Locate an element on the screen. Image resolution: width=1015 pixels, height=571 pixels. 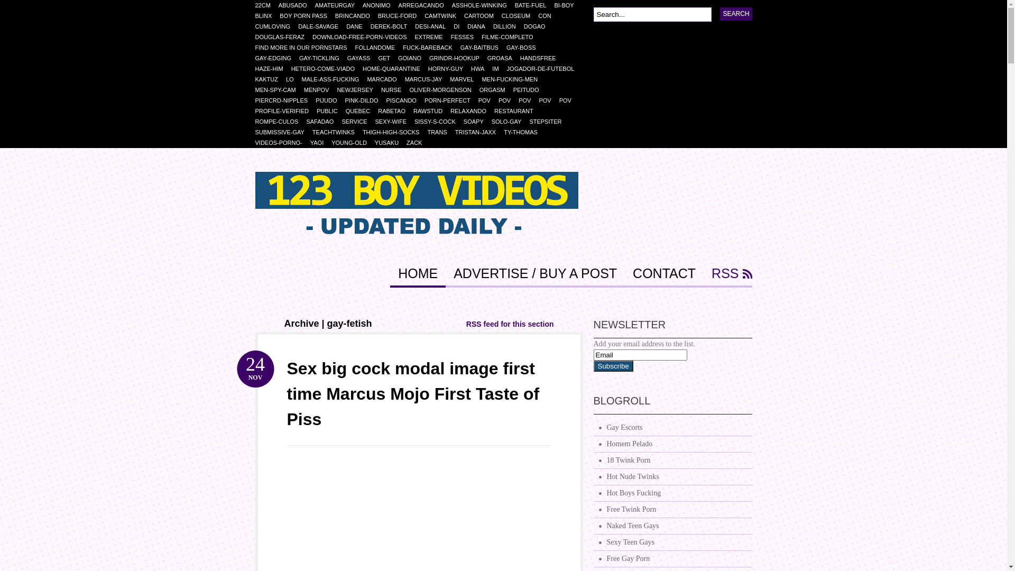
'PROFILE-VERIFIED' is located at coordinates (285, 110).